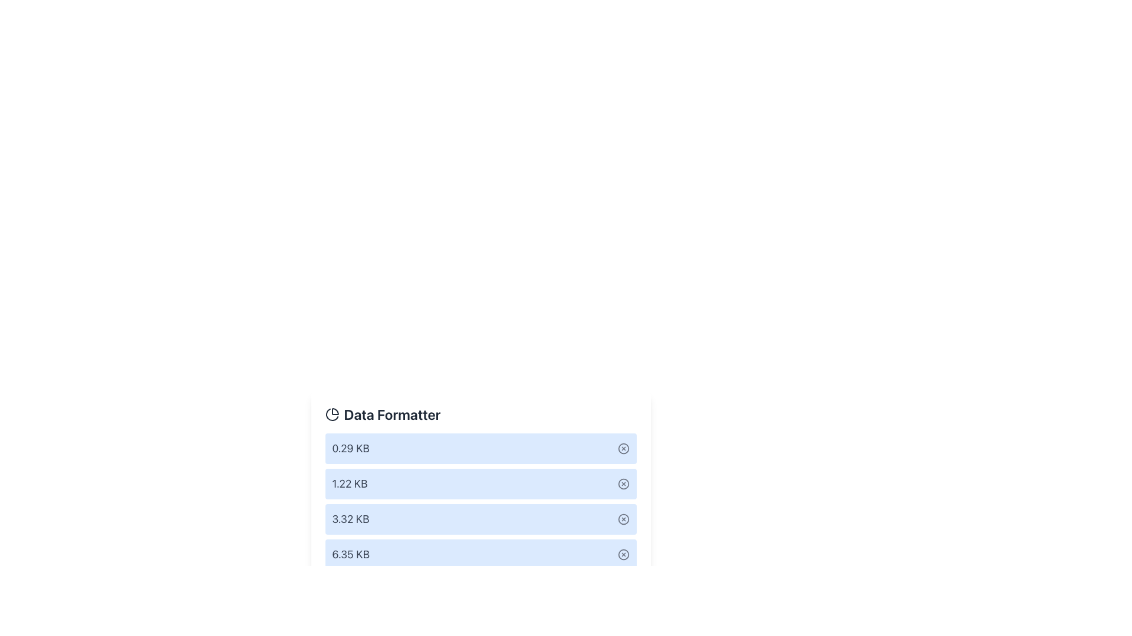  I want to click on the SVG Circle Element located in the bottom-right corner of the interface that serves as a close or cancel button, so click(623, 554).